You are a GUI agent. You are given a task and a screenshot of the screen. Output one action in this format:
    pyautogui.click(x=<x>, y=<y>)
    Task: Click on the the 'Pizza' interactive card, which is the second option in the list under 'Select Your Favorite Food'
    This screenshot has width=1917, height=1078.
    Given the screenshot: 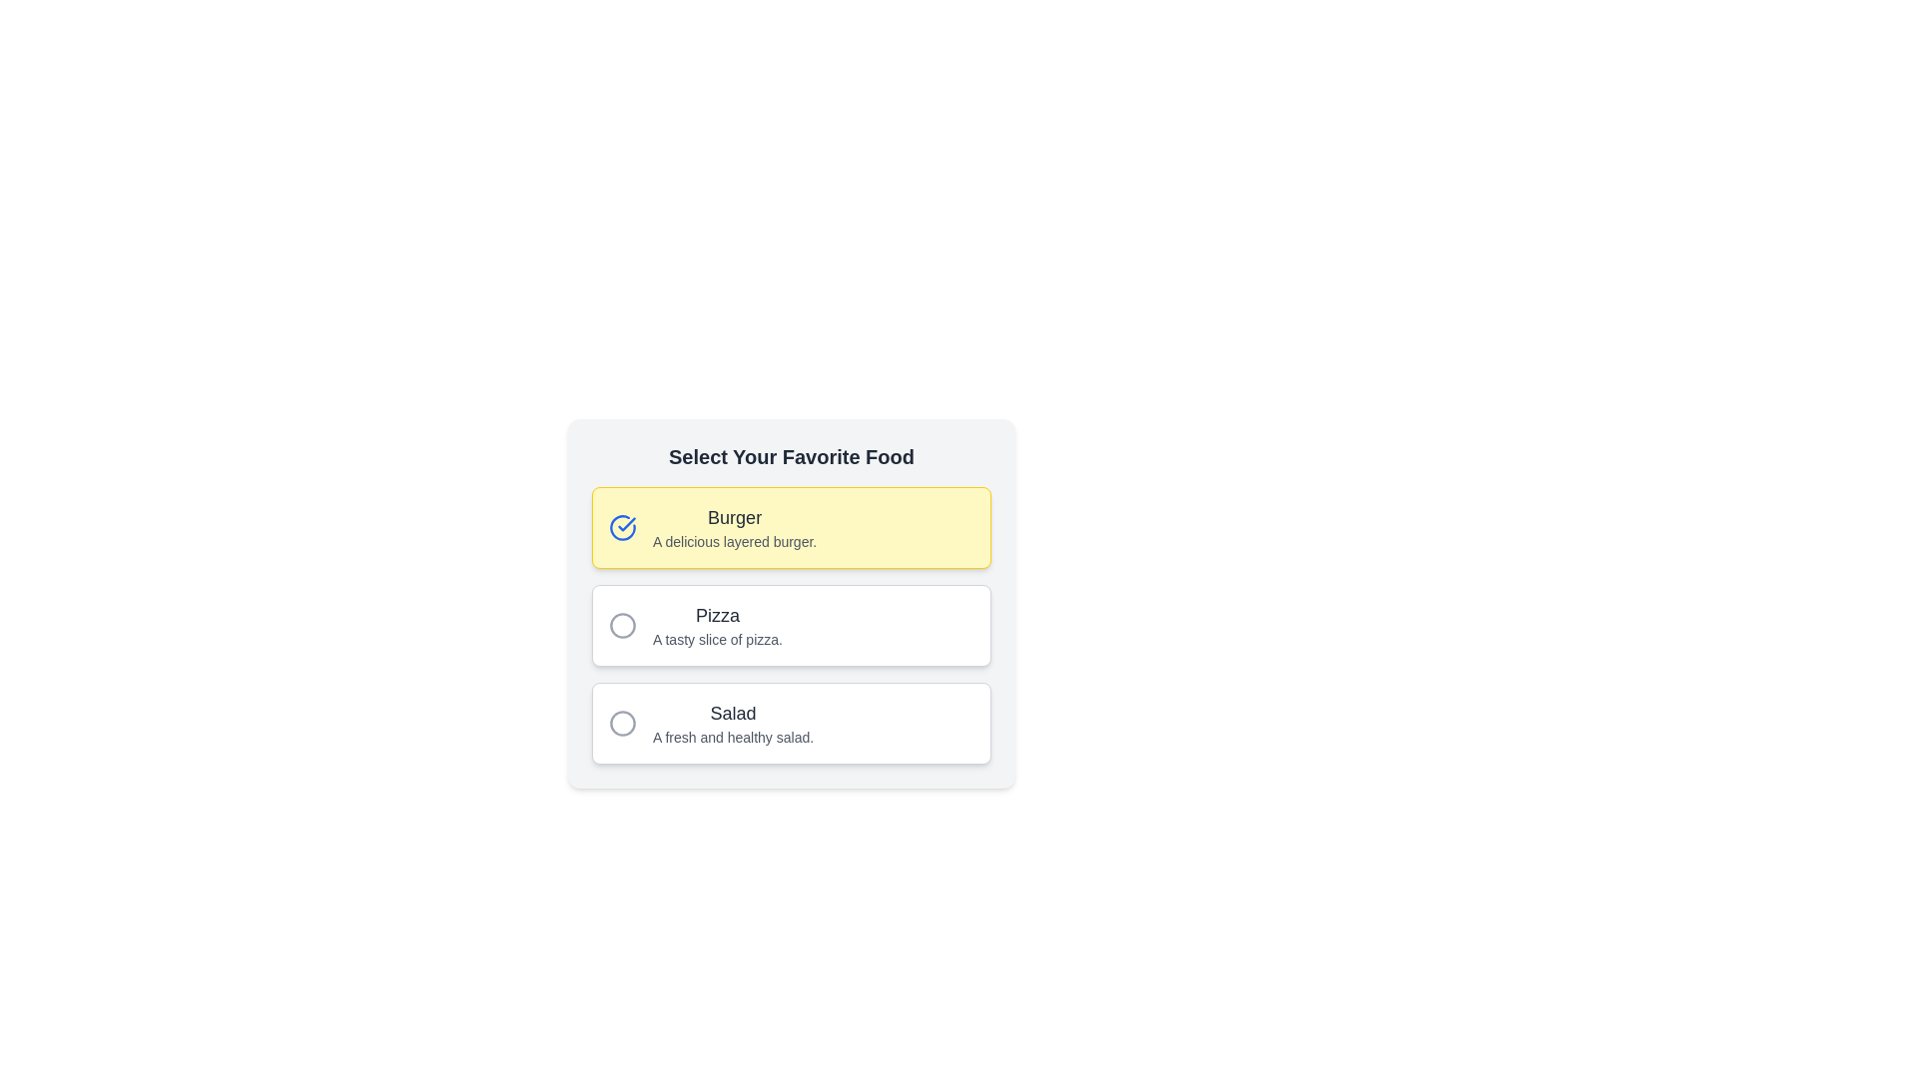 What is the action you would take?
    pyautogui.click(x=790, y=625)
    